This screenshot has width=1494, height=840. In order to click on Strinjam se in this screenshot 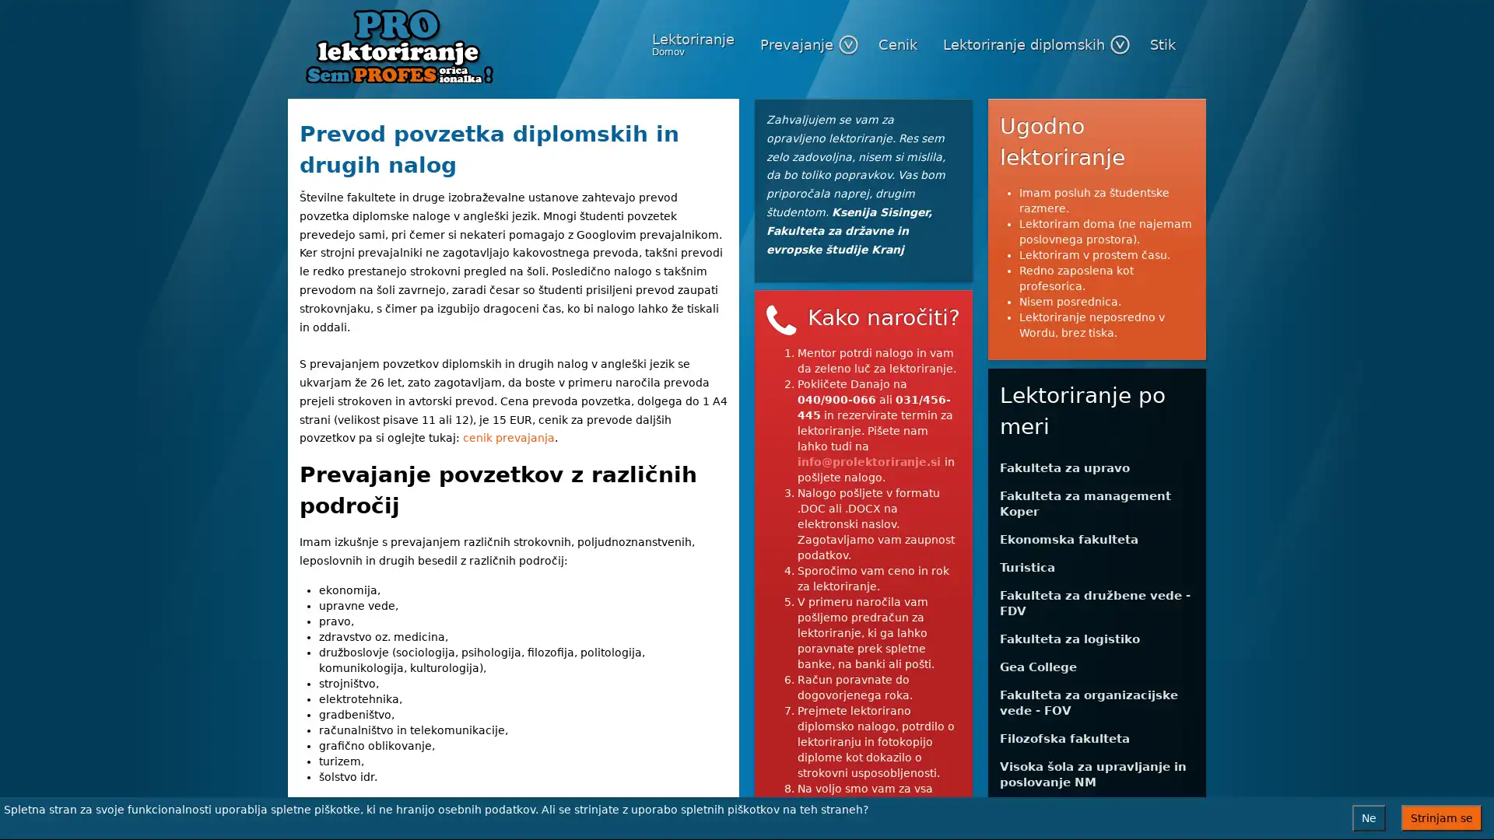, I will do `click(1440, 817)`.